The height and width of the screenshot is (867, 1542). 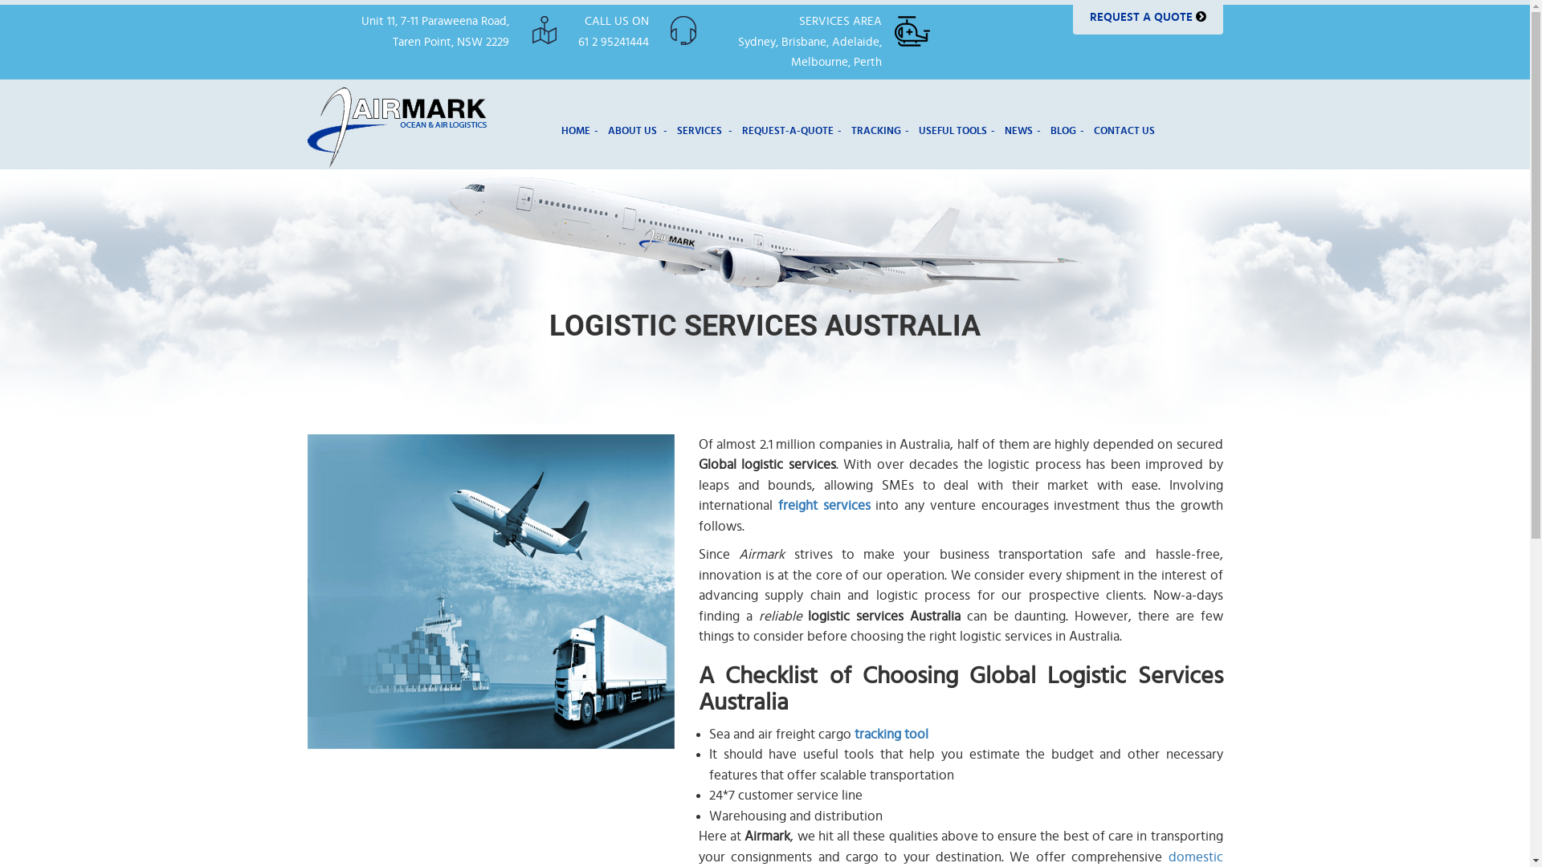 What do you see at coordinates (957, 129) in the screenshot?
I see `'USEFUL TOOLS'` at bounding box center [957, 129].